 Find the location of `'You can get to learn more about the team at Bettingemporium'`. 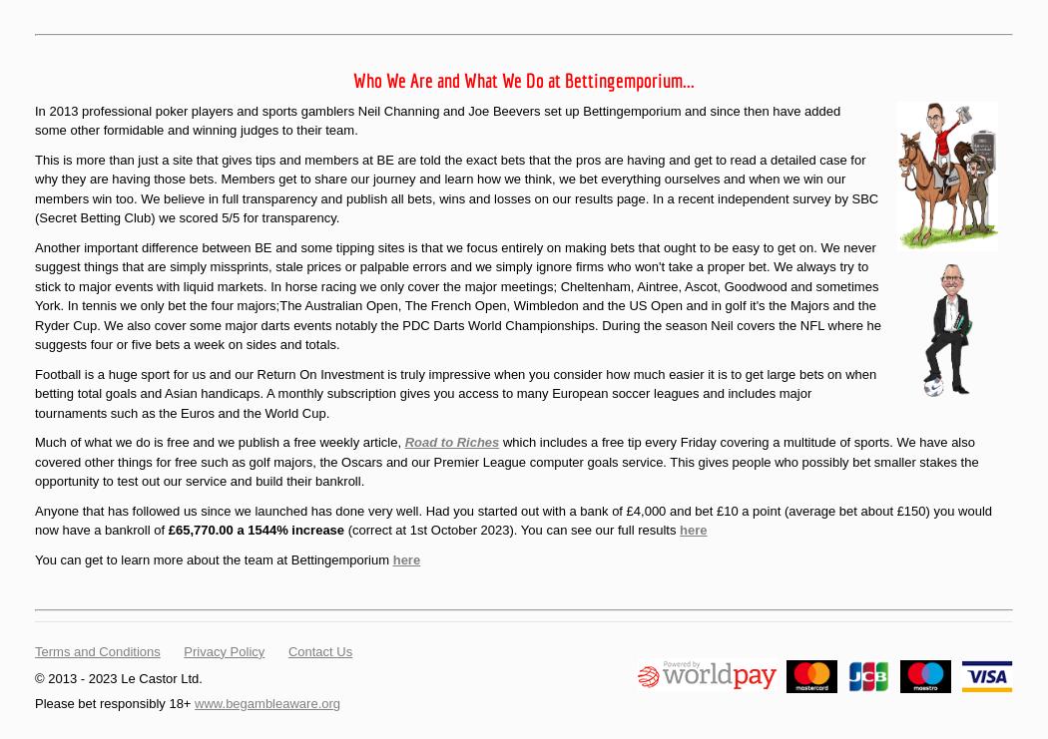

'You can get to learn more about the team at Bettingemporium' is located at coordinates (212, 558).